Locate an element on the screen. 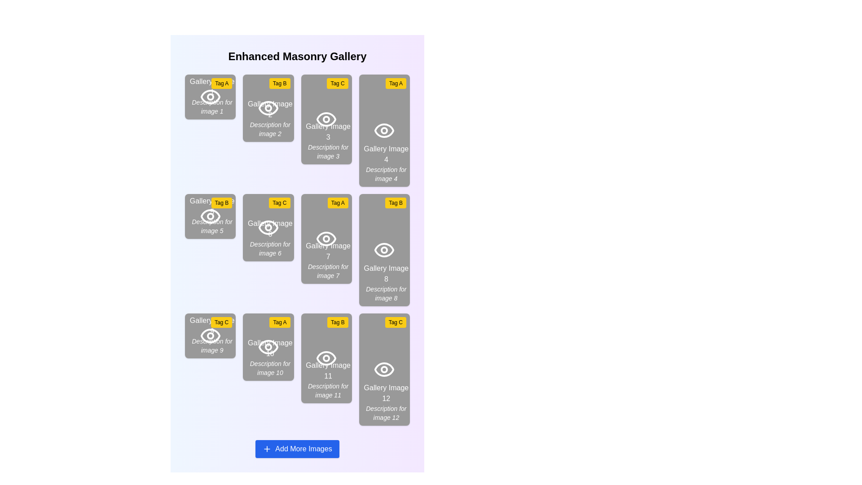 The image size is (862, 485). the static text label displaying 'Gallery Image 6' is located at coordinates (269, 228).